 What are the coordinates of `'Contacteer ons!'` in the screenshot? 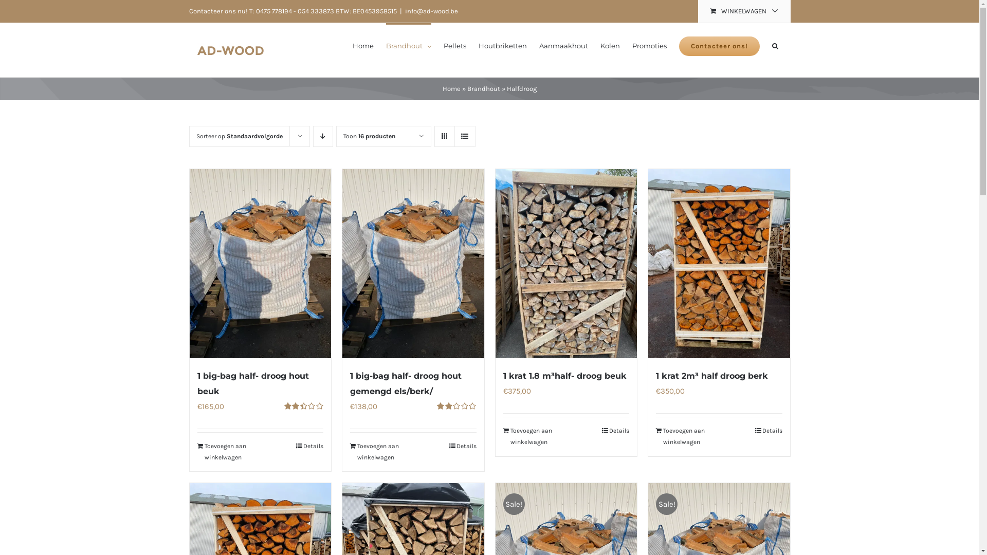 It's located at (679, 45).